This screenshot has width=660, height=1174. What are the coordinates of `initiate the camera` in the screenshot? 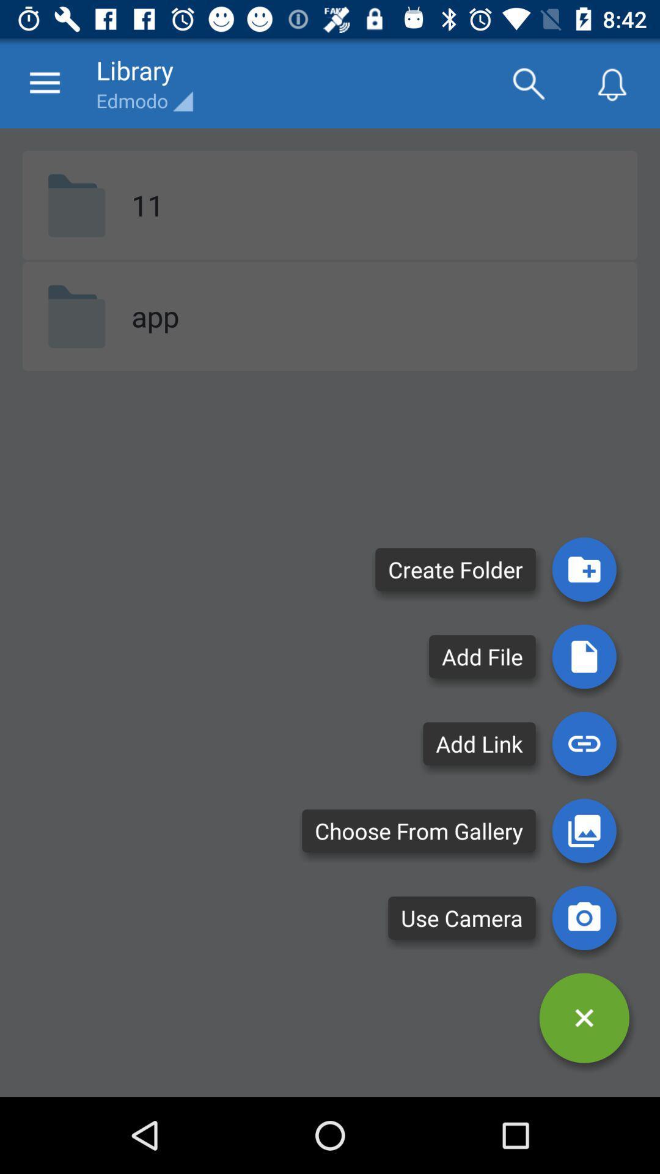 It's located at (584, 918).